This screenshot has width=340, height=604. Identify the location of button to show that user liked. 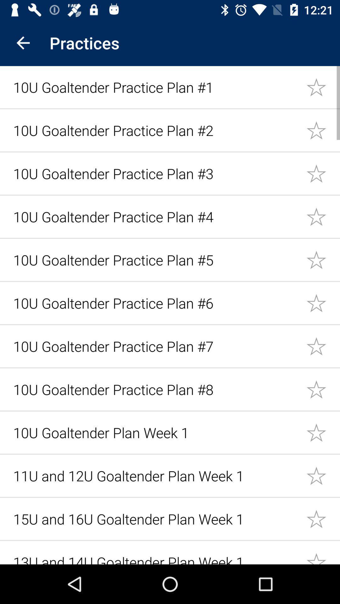
(323, 130).